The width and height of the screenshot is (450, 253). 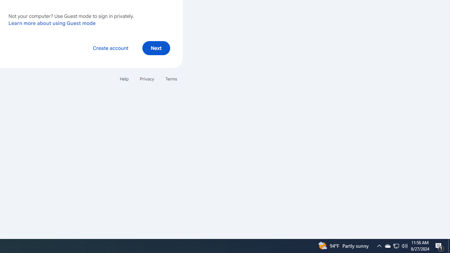 I want to click on 'Create account', so click(x=110, y=47).